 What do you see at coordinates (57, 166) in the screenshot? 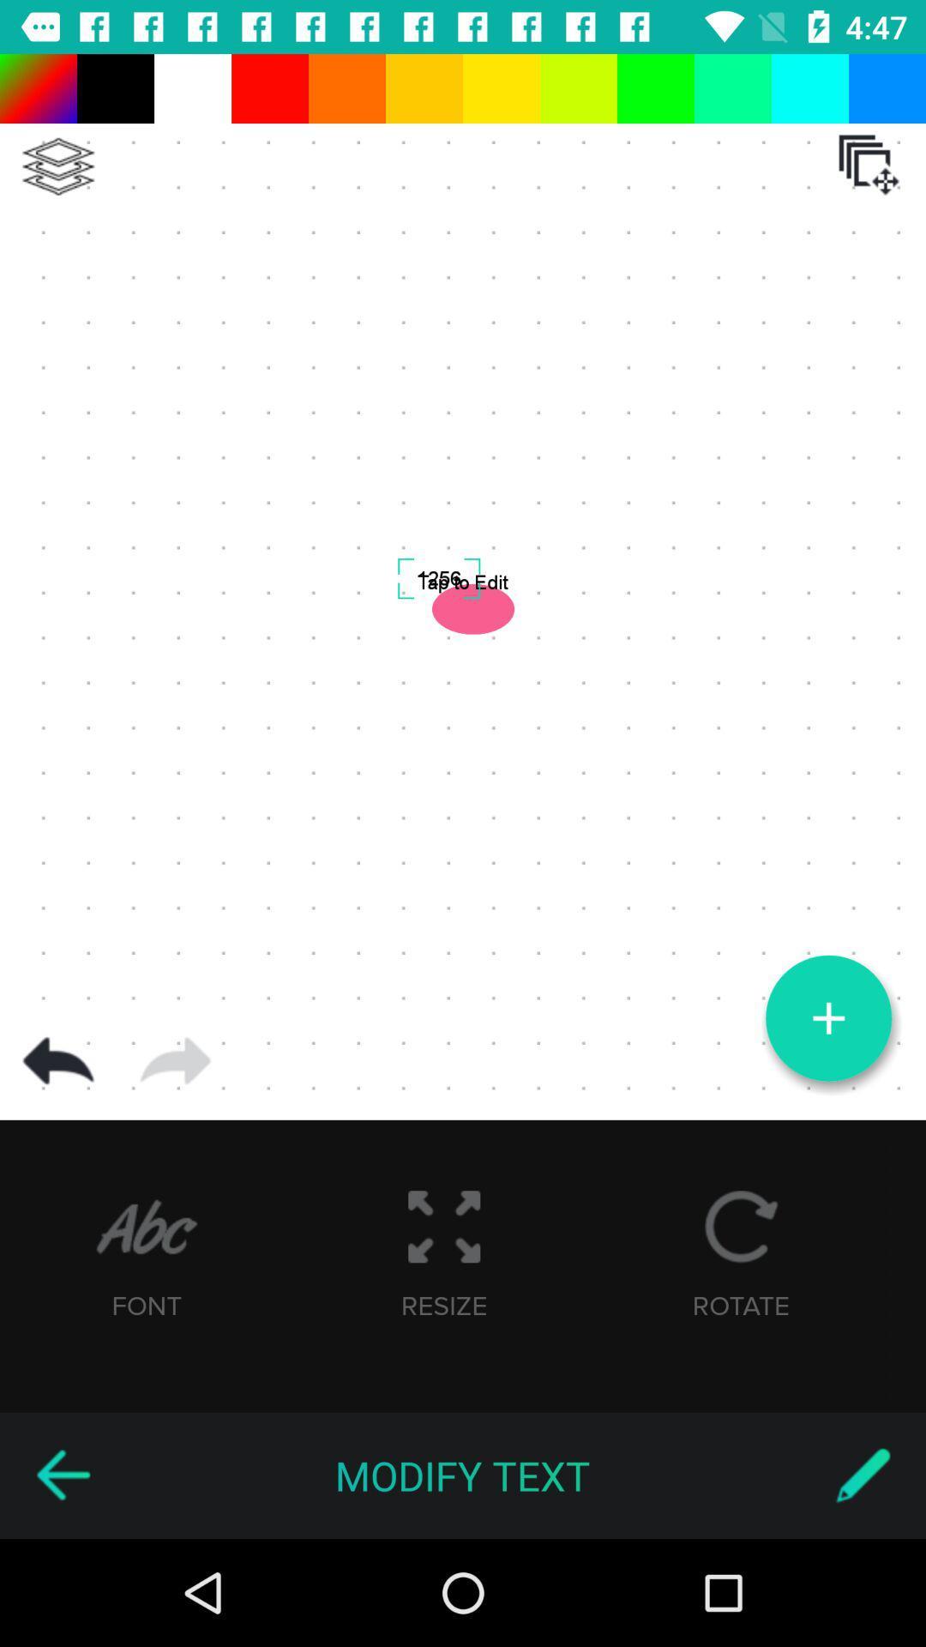
I see `to menu option` at bounding box center [57, 166].